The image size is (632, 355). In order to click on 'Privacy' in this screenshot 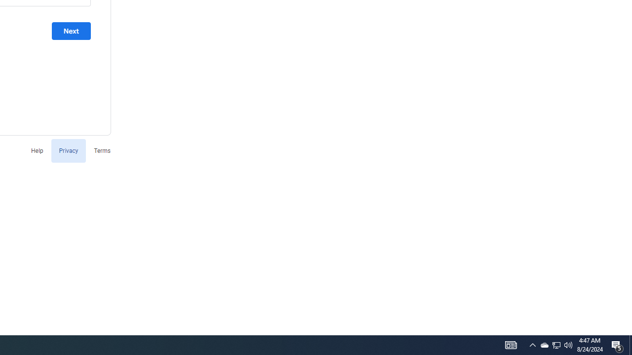, I will do `click(68, 150)`.